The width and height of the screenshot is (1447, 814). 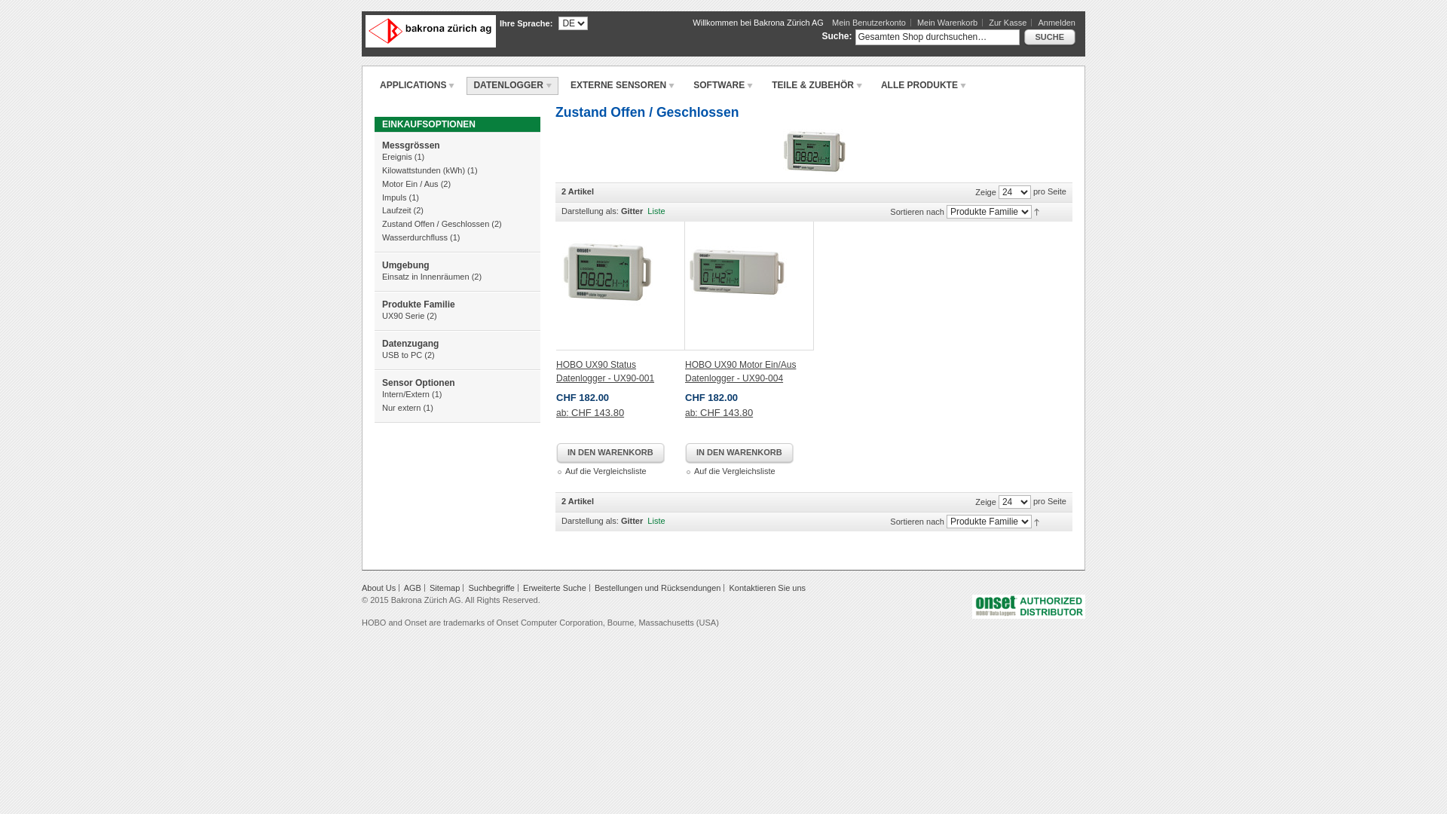 I want to click on 'Sitemap', so click(x=444, y=586).